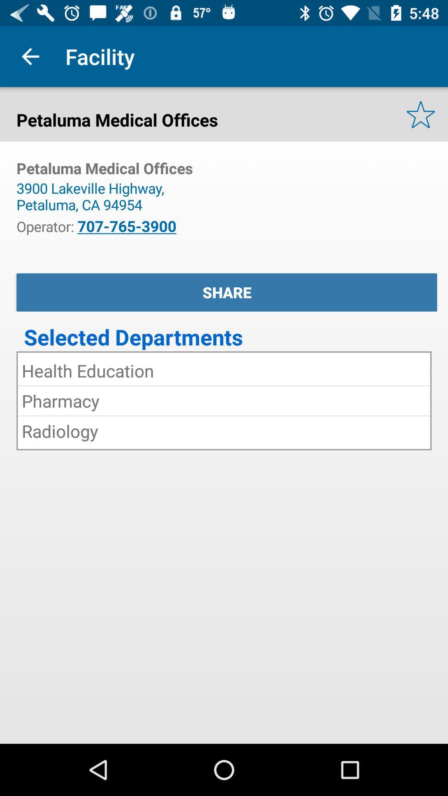  Describe the element at coordinates (421, 114) in the screenshot. I see `the star icon` at that location.